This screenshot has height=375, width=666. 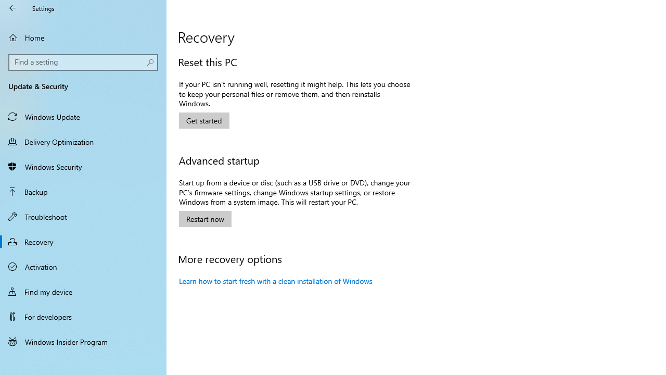 What do you see at coordinates (83, 242) in the screenshot?
I see `'Recovery'` at bounding box center [83, 242].